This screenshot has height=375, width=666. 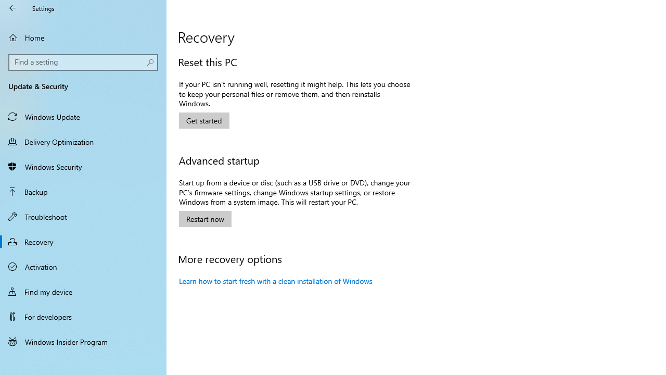 What do you see at coordinates (83, 242) in the screenshot?
I see `'Recovery'` at bounding box center [83, 242].